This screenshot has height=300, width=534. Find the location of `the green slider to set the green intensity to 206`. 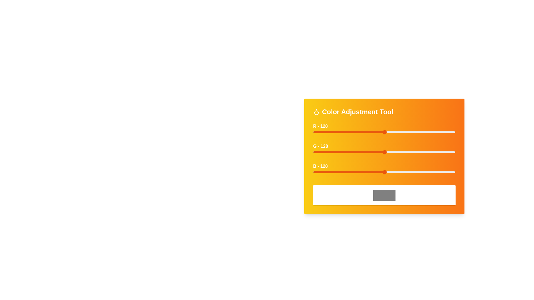

the green slider to set the green intensity to 206 is located at coordinates (428, 152).